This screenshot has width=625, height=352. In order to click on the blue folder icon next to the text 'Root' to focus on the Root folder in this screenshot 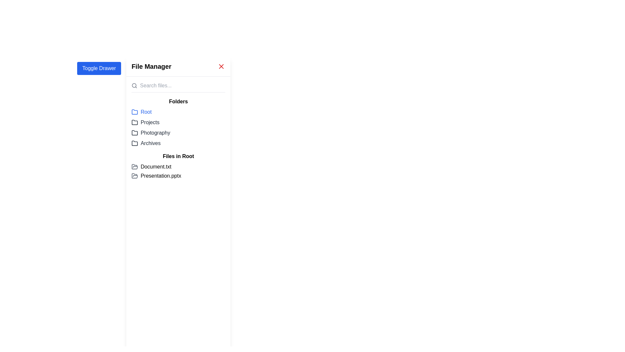, I will do `click(134, 111)`.